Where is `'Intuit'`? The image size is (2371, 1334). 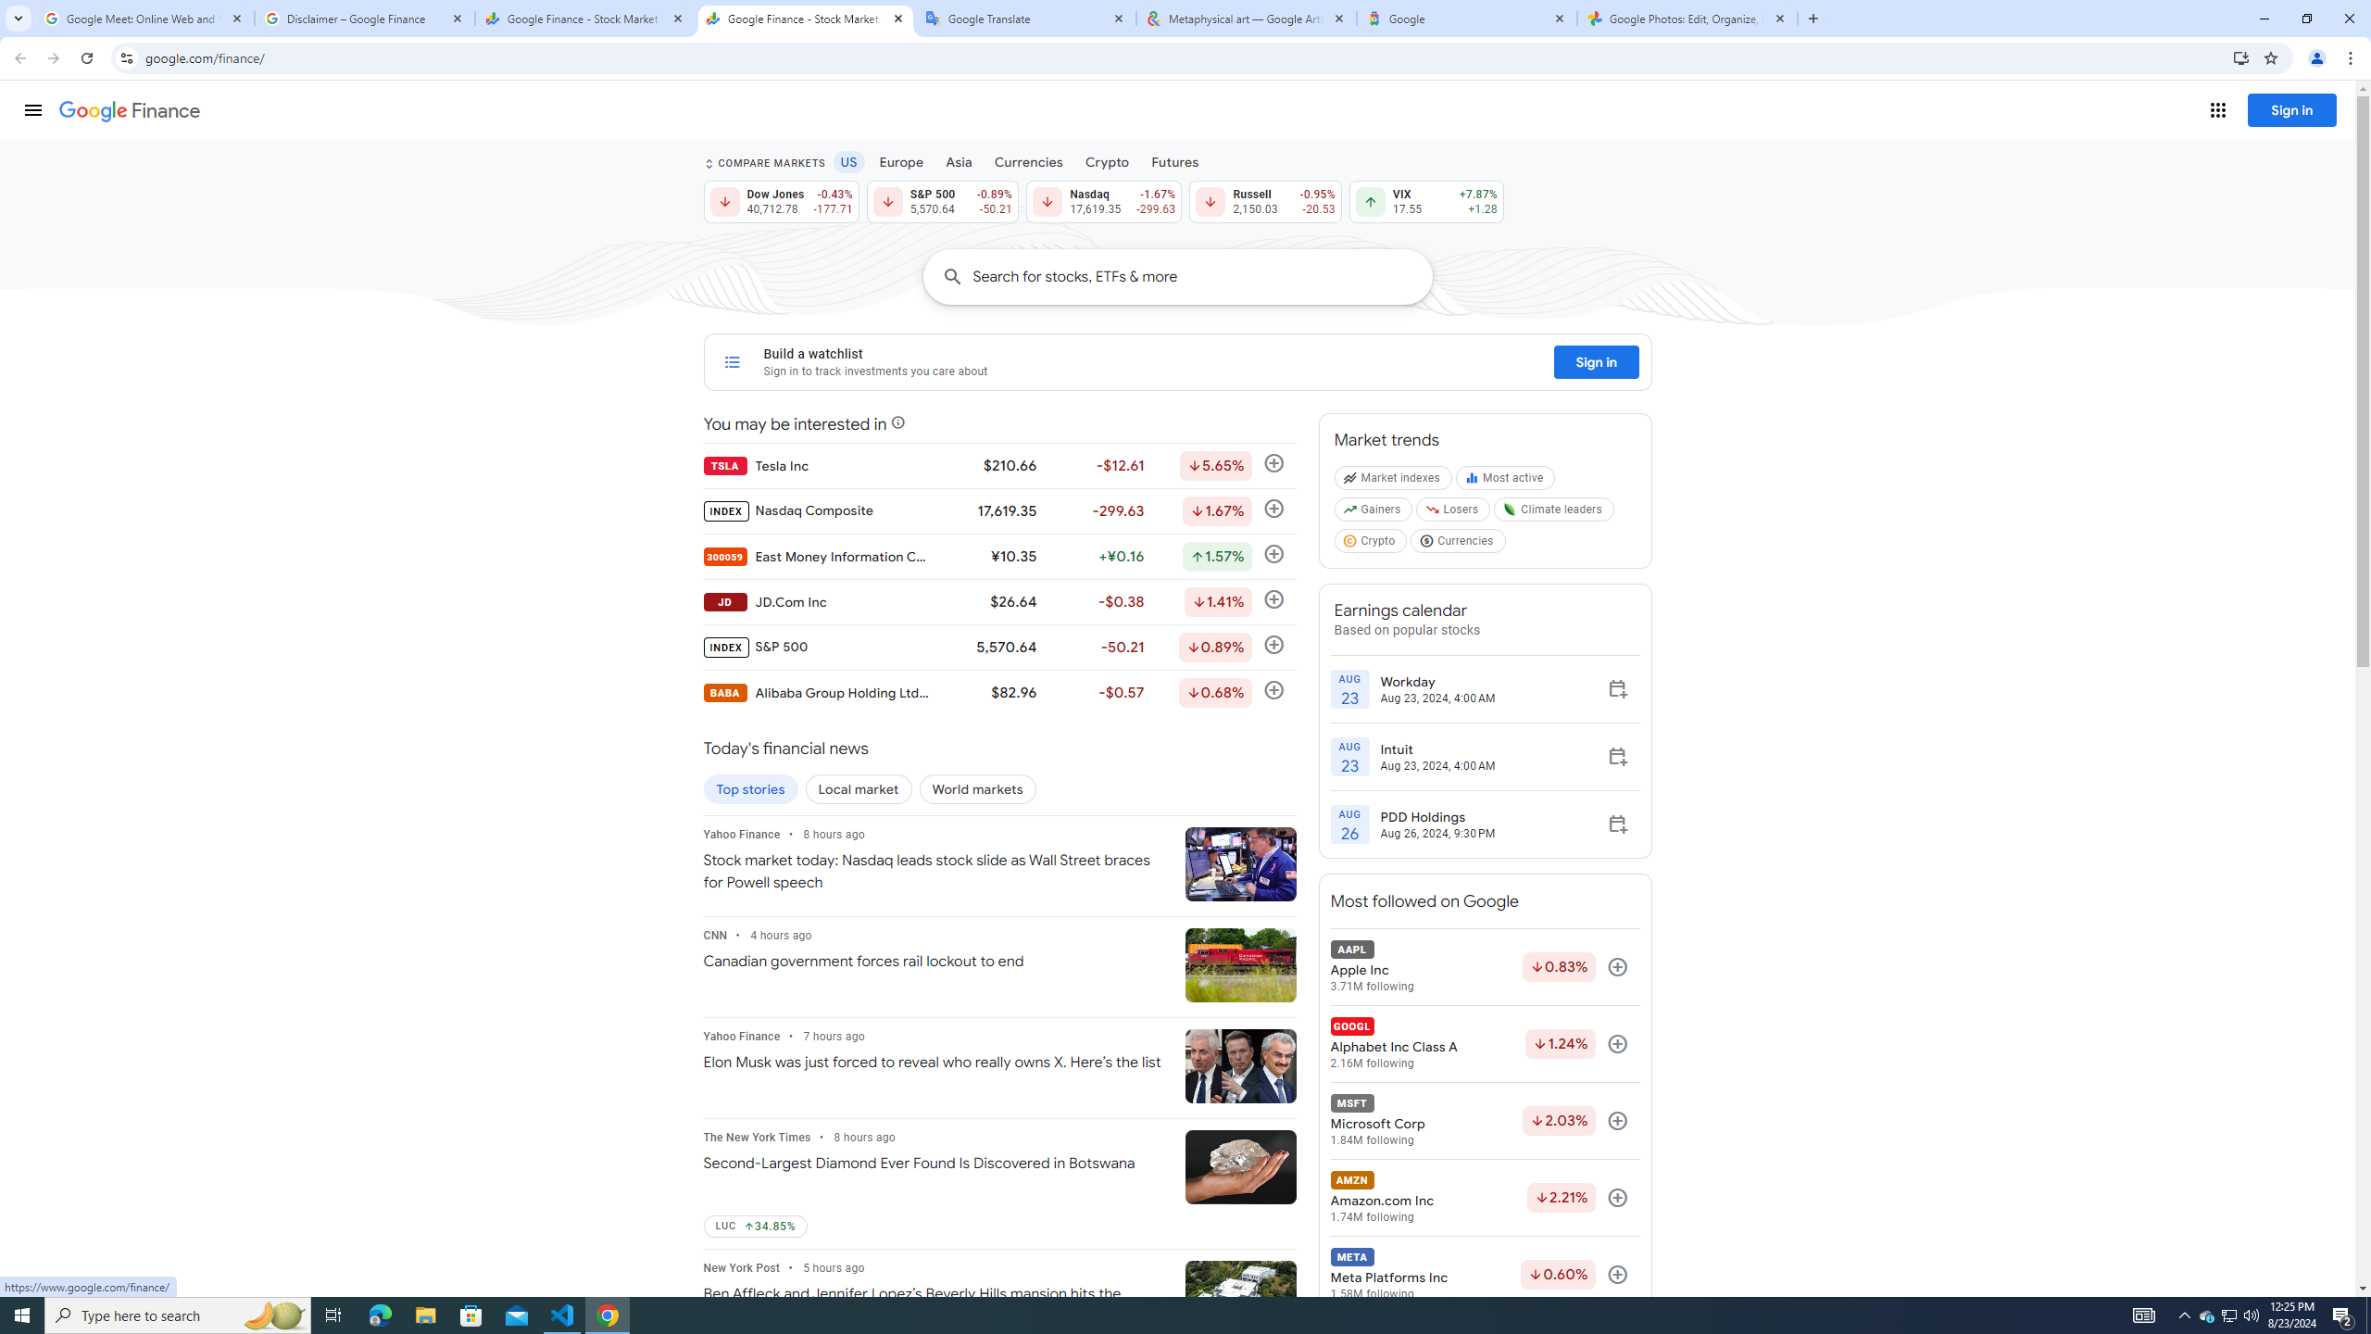 'Intuit' is located at coordinates (1437, 749).